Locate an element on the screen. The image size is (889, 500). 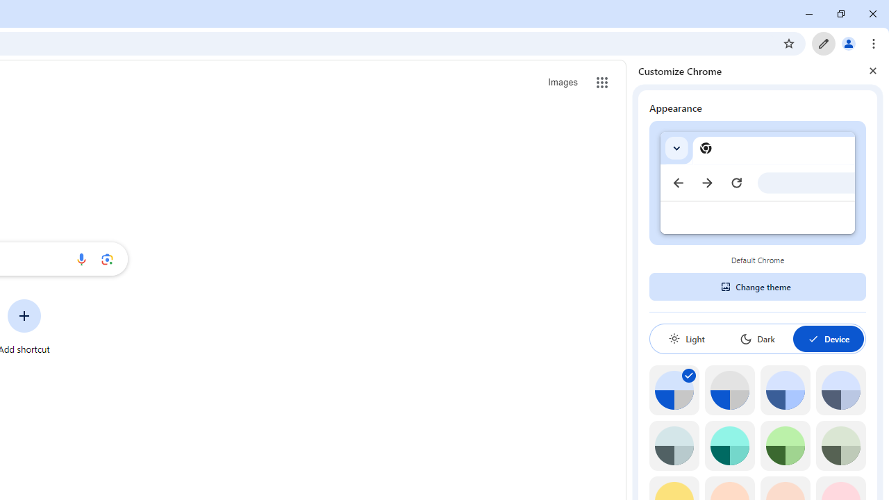
'Green' is located at coordinates (785, 446).